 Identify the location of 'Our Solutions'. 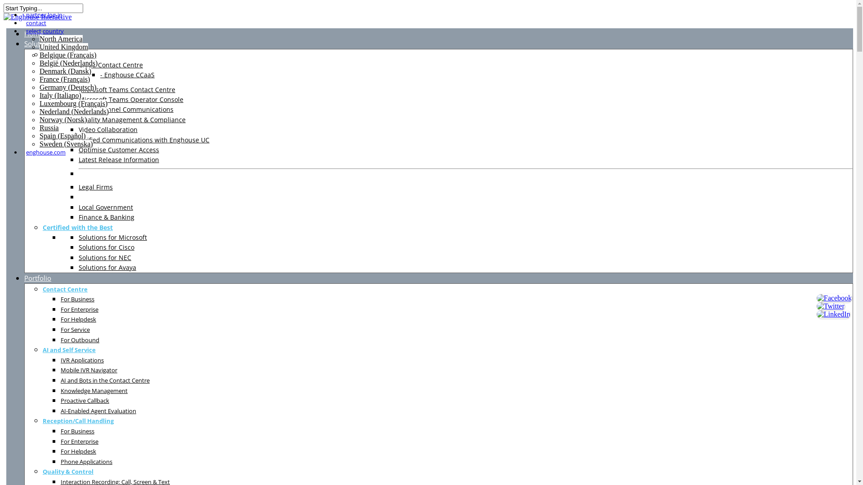
(63, 54).